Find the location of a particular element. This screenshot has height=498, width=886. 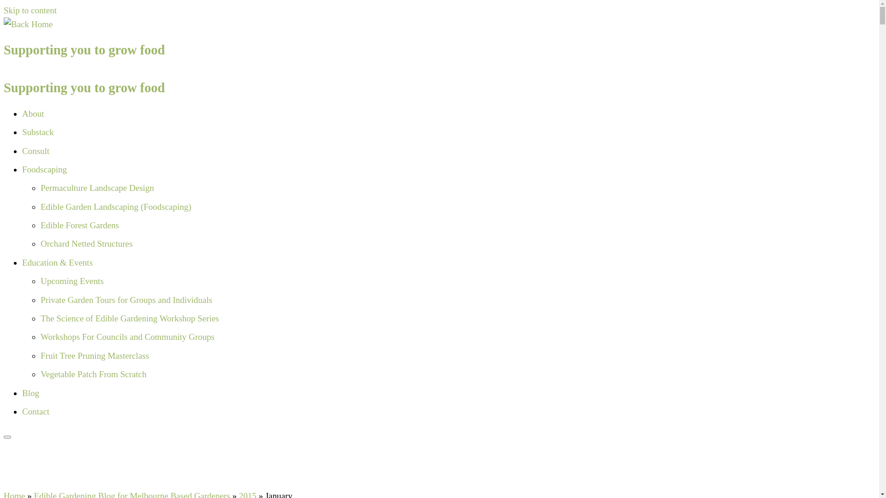

'About' is located at coordinates (22, 113).